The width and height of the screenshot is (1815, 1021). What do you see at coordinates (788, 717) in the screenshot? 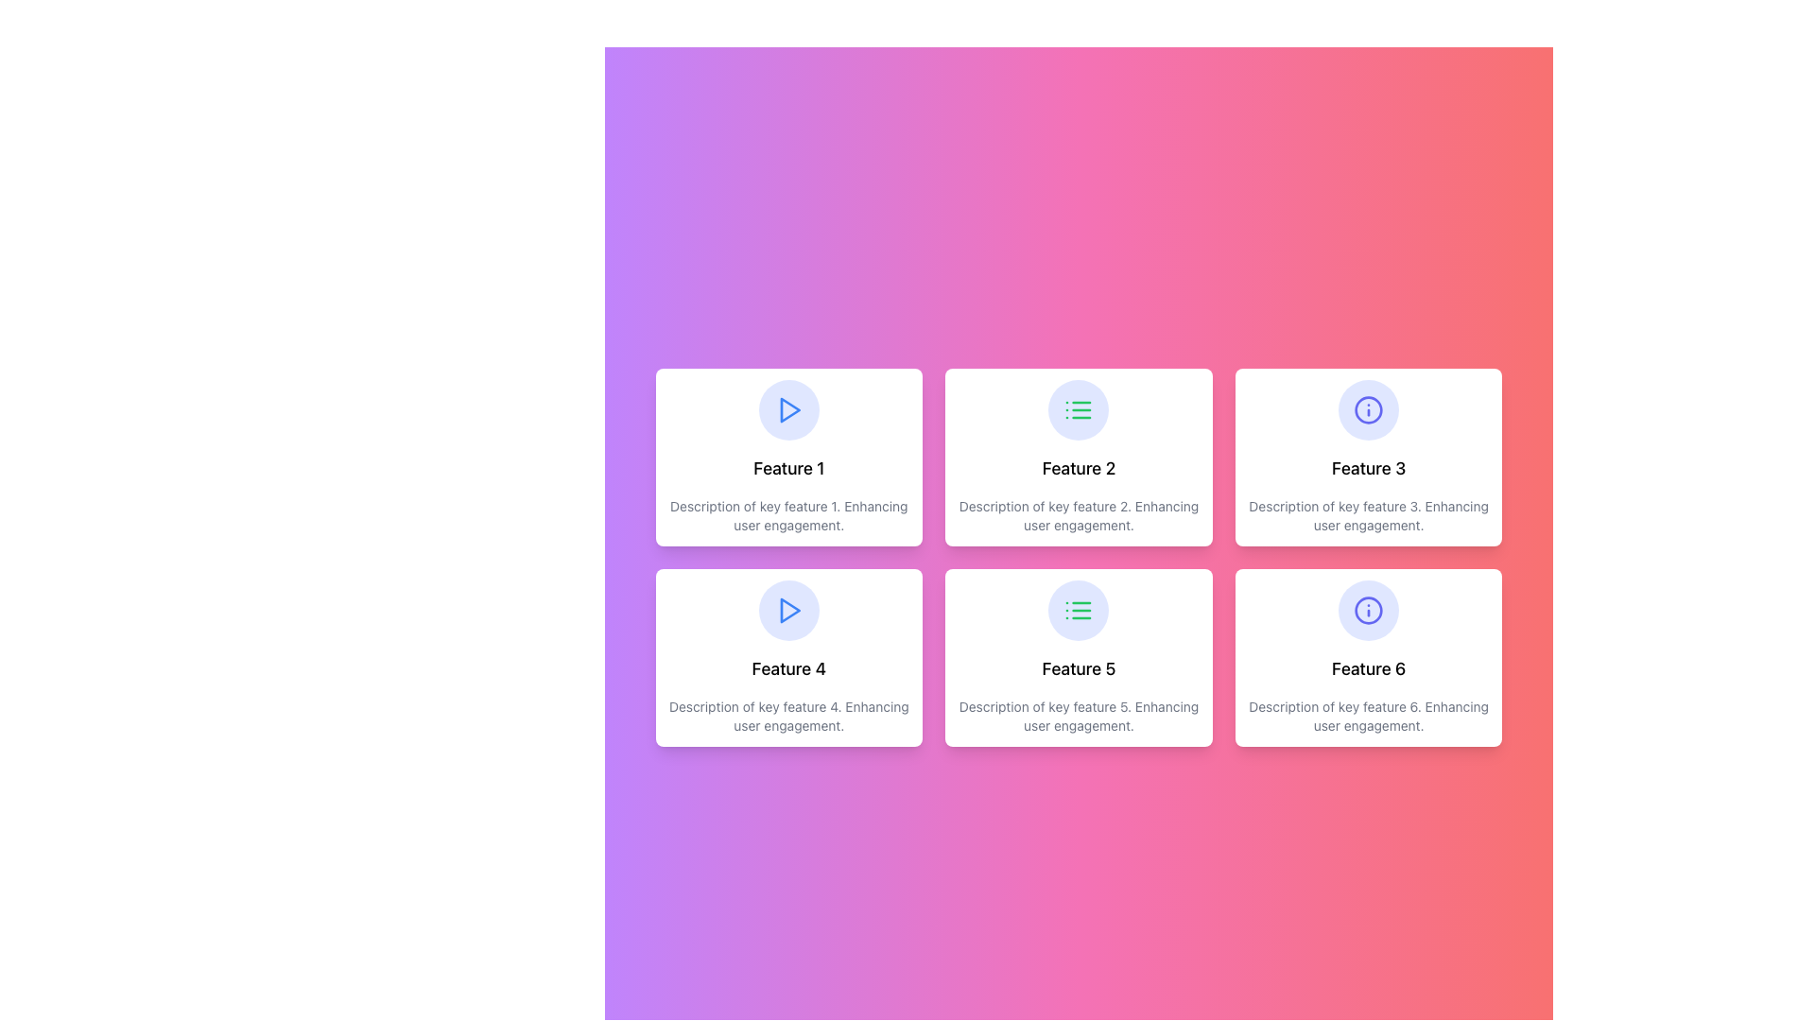
I see `the small, gray, centered text that reads 'Description of key feature 4. Enhancing user engagement.' located within the feature box below the title 'Feature 4'` at bounding box center [788, 717].